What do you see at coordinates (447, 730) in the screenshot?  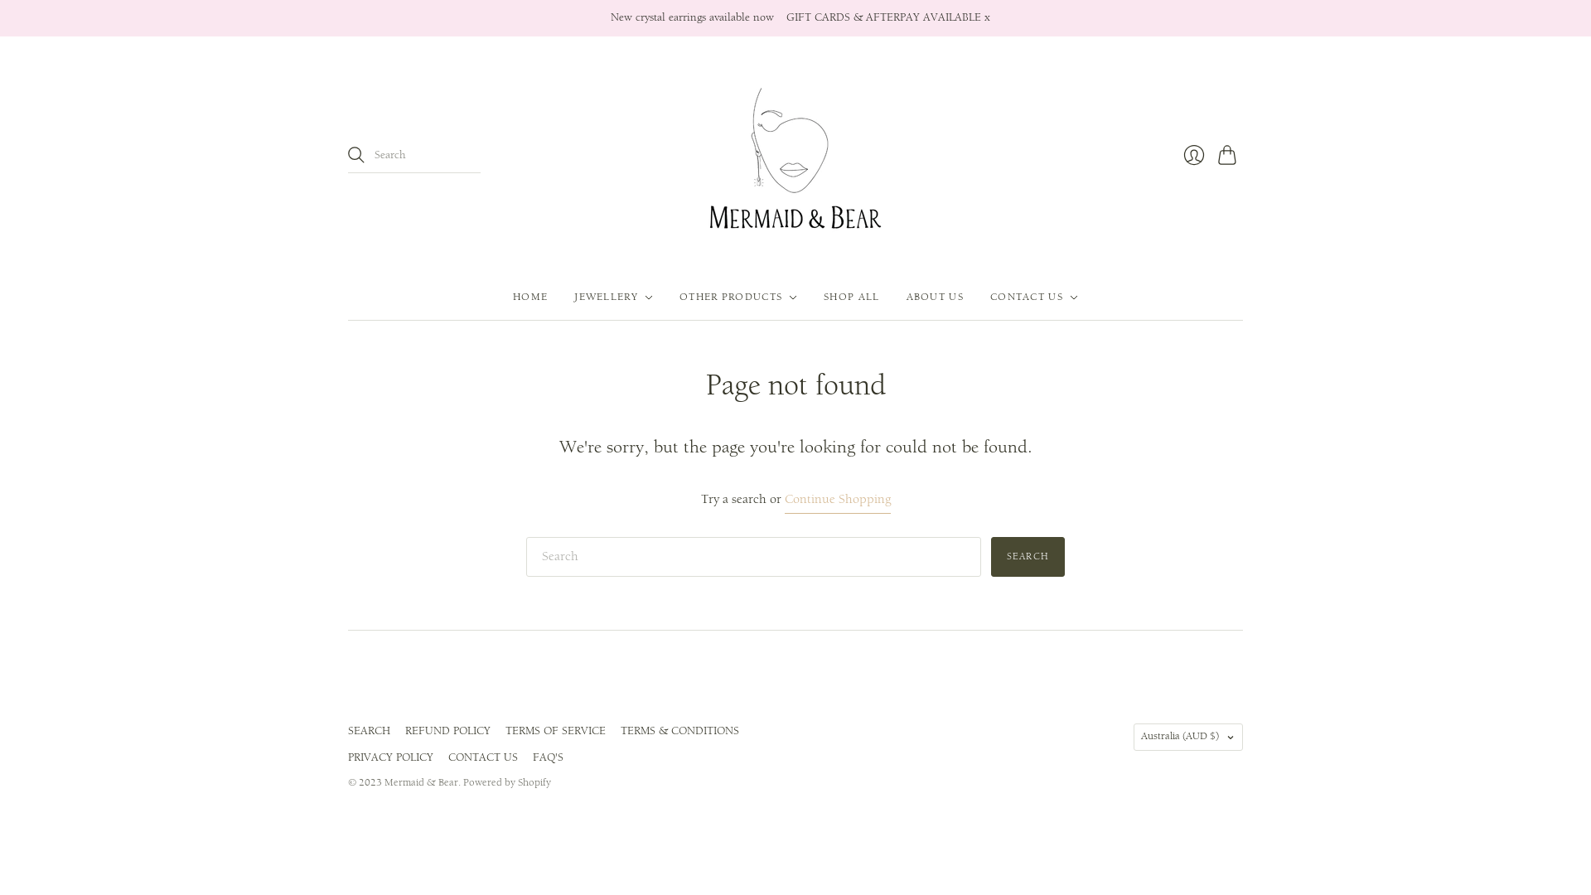 I see `'REFUND POLICY'` at bounding box center [447, 730].